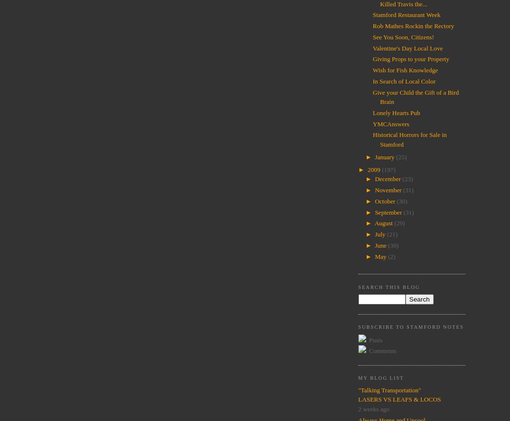 The height and width of the screenshot is (421, 510). Describe the element at coordinates (381, 244) in the screenshot. I see `'June'` at that location.